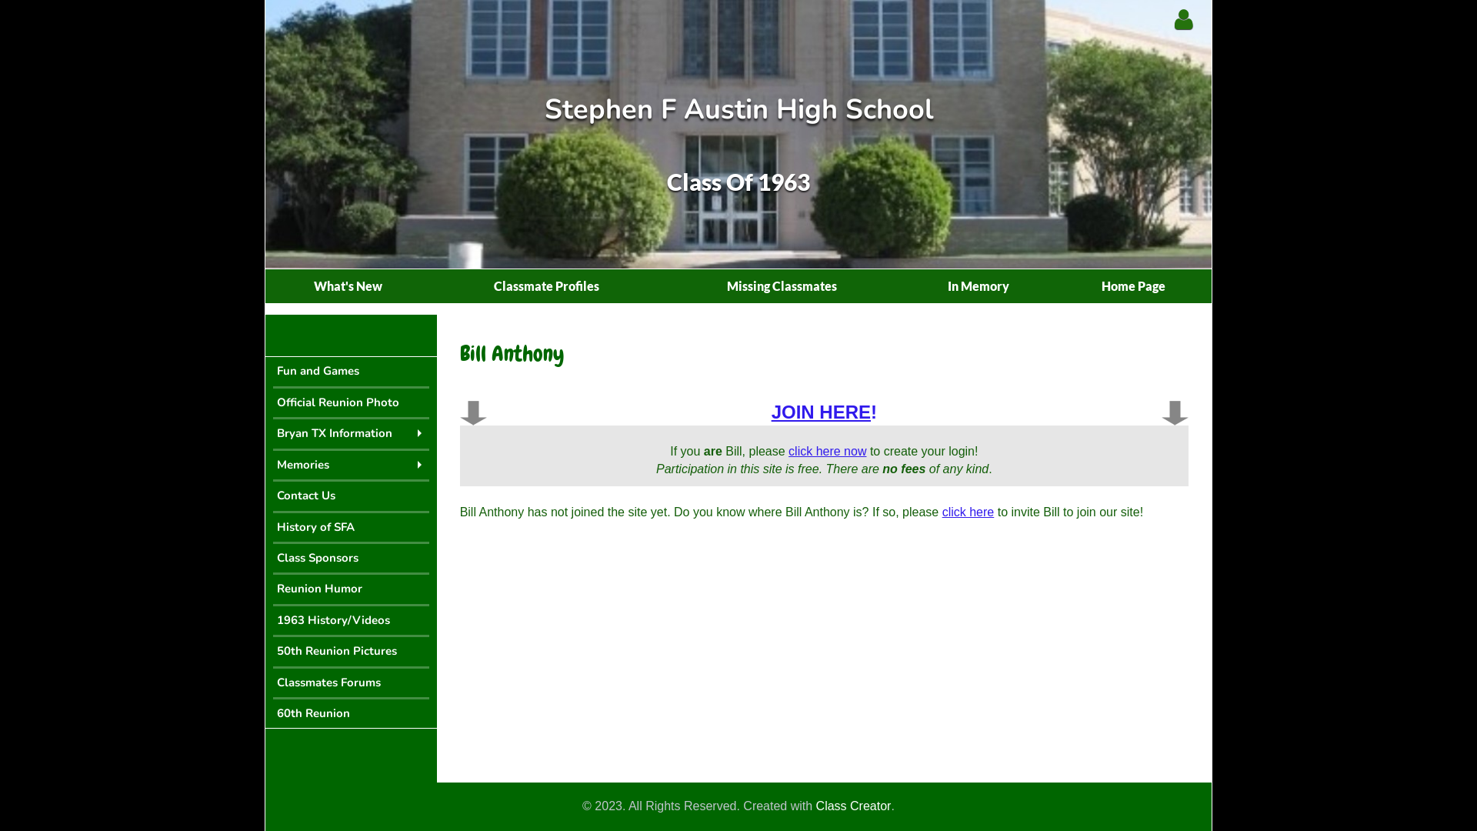  What do you see at coordinates (273, 619) in the screenshot?
I see `'1963 History/Videos'` at bounding box center [273, 619].